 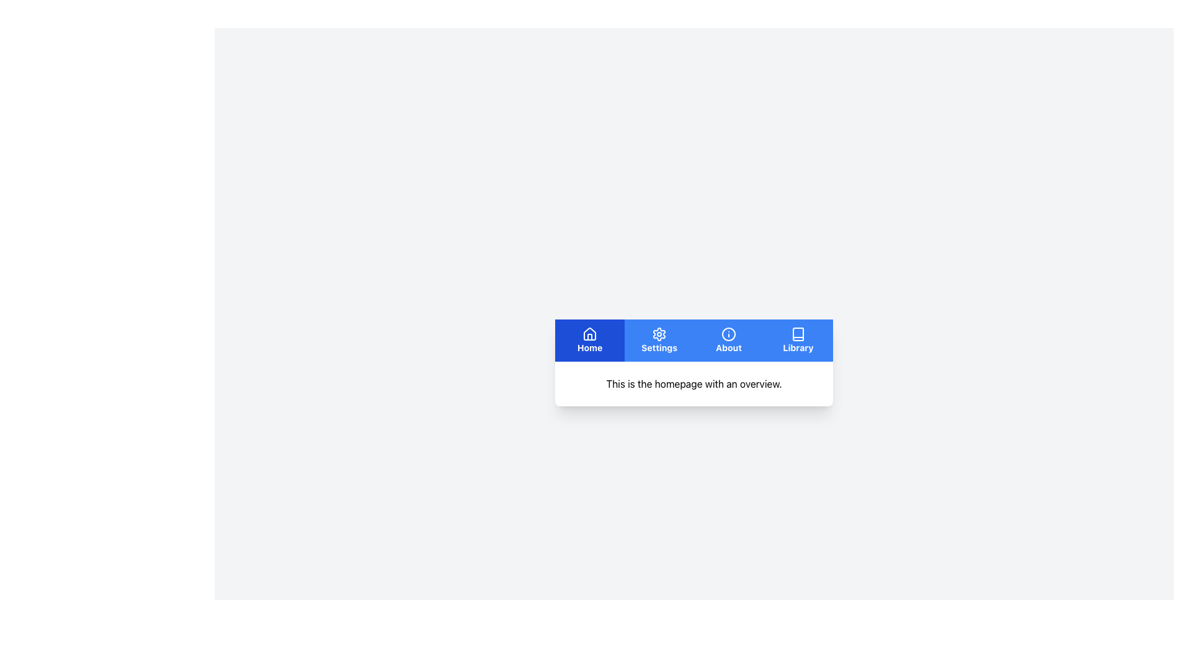 I want to click on the 'Library' icon, which is a book-shaped icon with a blue background located in the bottom-center navigation bar, so click(x=798, y=334).